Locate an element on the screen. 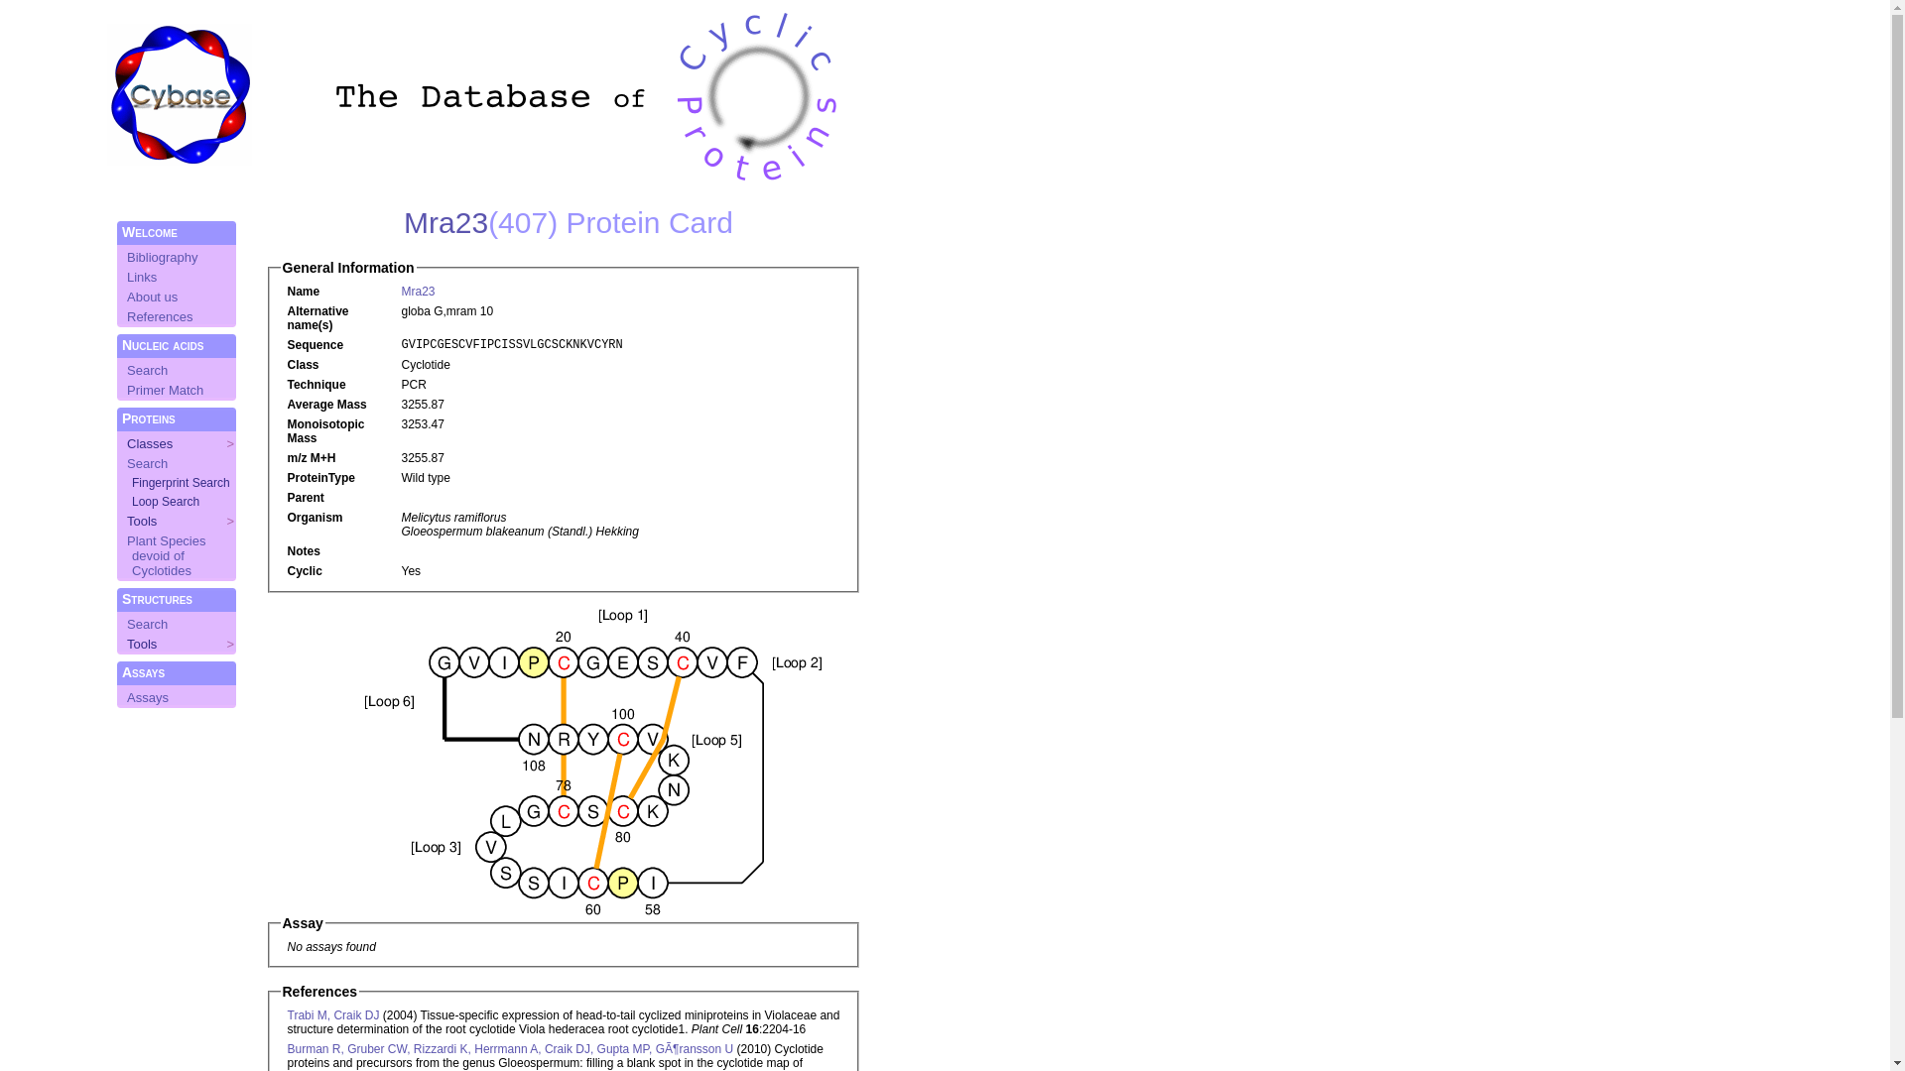  'Assays' is located at coordinates (146, 696).